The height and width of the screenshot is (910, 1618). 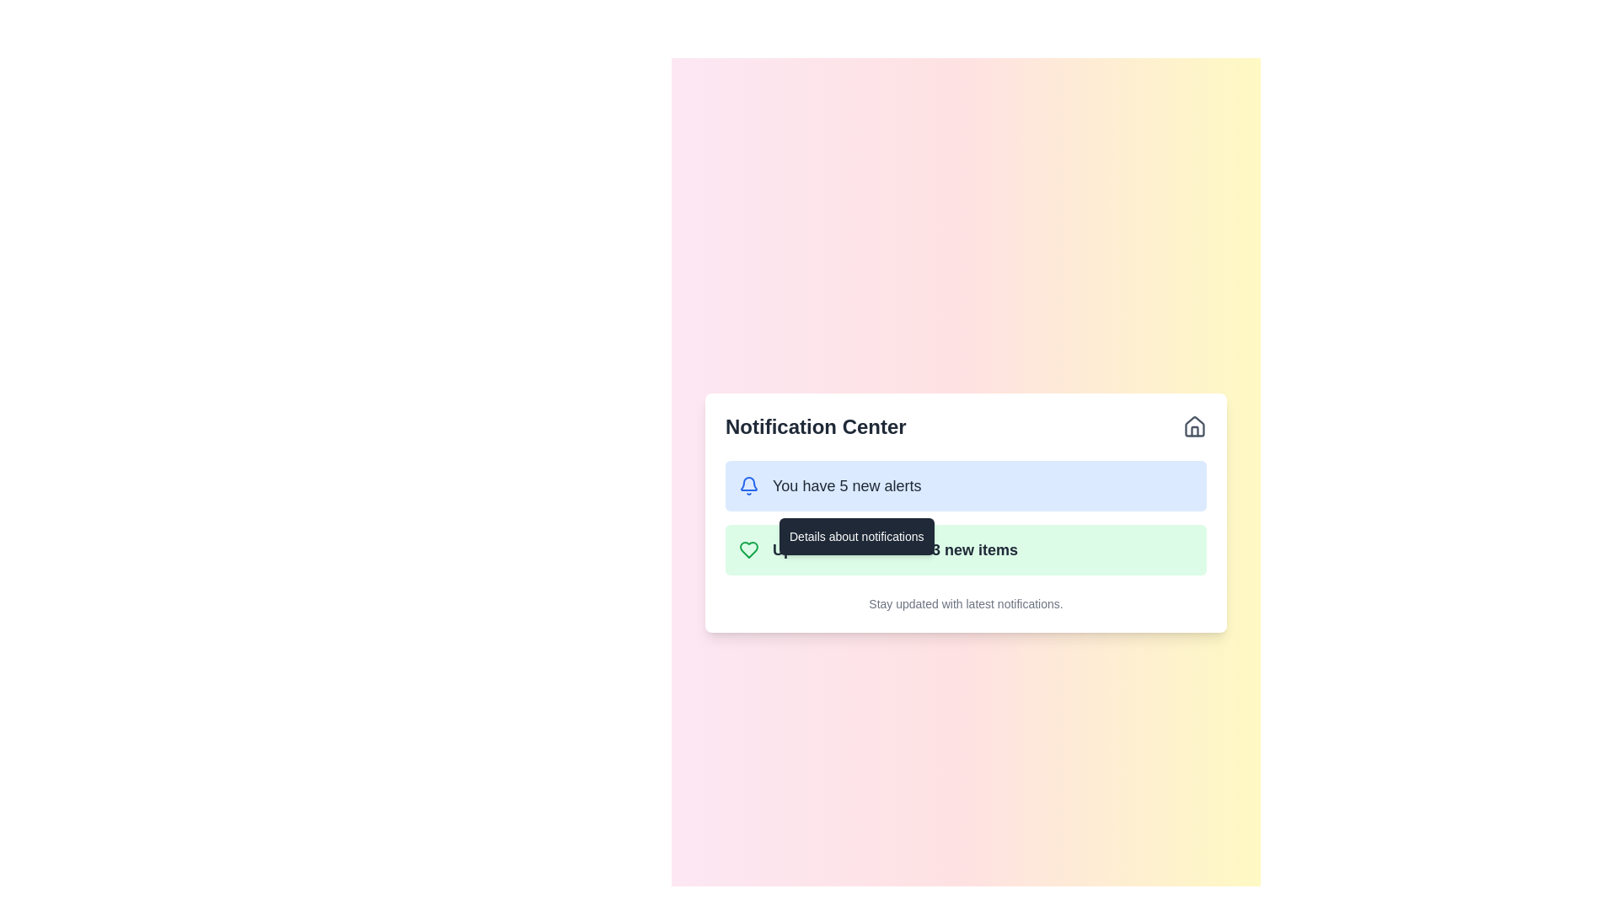 I want to click on the text label displaying 'Stay updated with latest notifications.' at the bottom of the Notification Center card, so click(x=966, y=603).